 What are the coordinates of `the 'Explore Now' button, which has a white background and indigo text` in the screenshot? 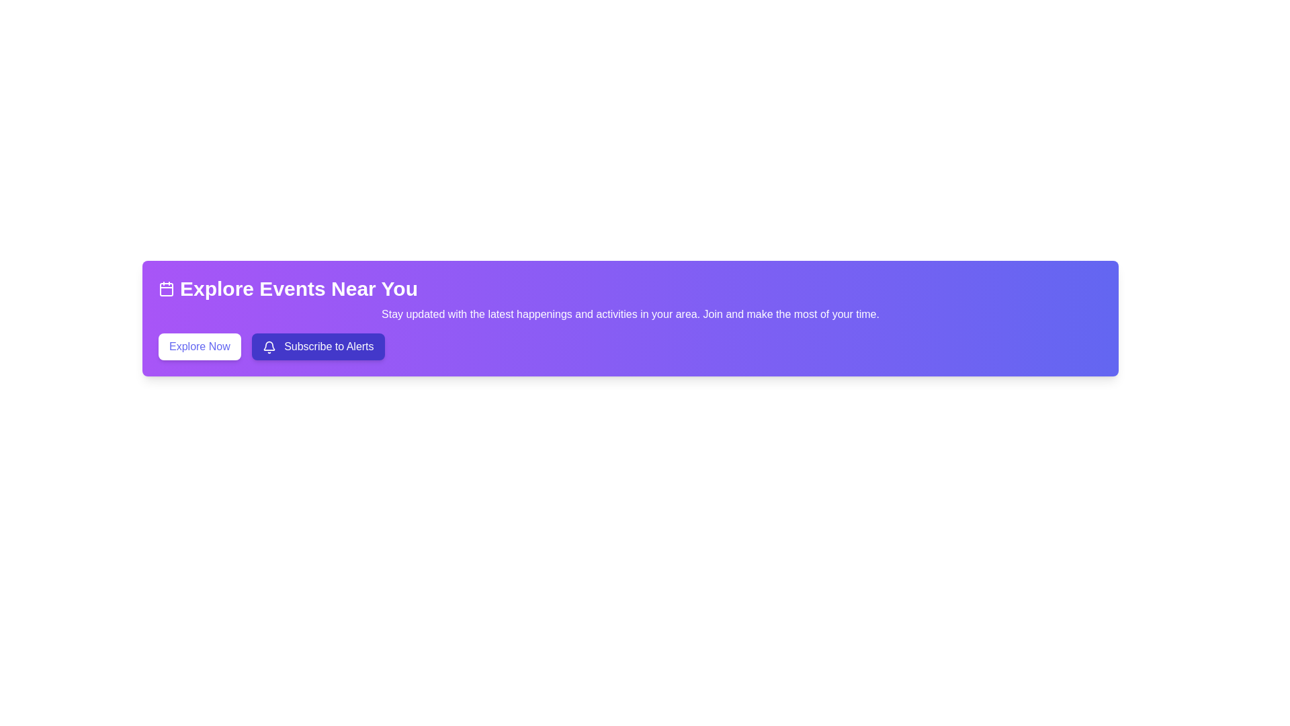 It's located at (199, 346).